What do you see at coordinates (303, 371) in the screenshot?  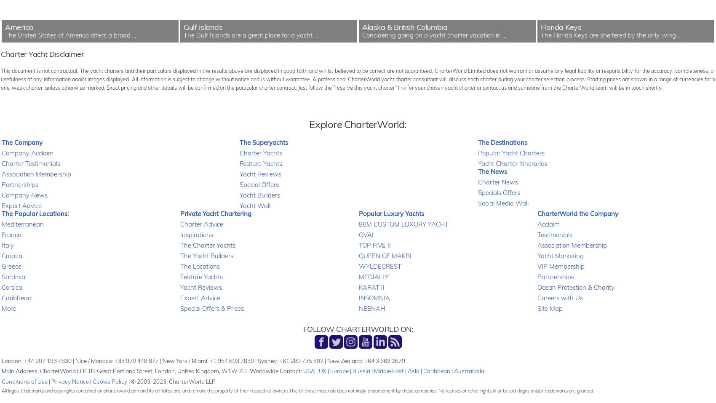 I see `'USA'` at bounding box center [303, 371].